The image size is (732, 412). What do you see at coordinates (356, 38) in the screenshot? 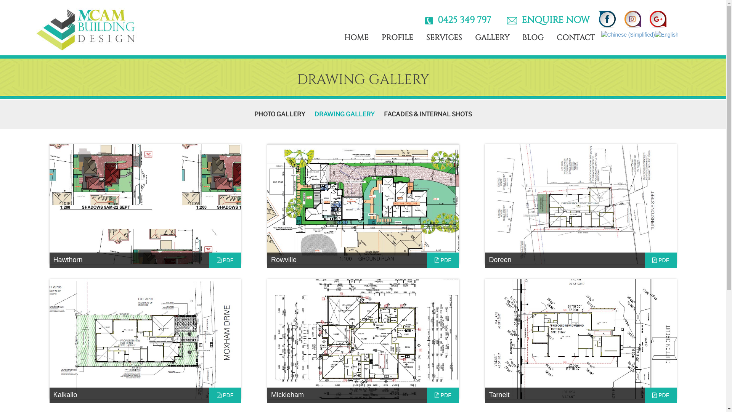
I see `'HOME'` at bounding box center [356, 38].